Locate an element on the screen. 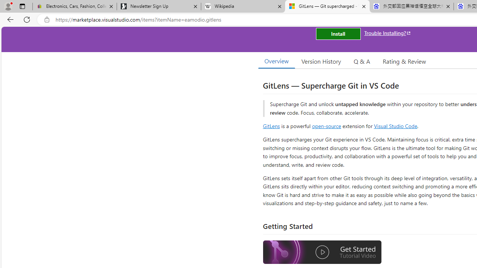 The width and height of the screenshot is (477, 268). 'Wikipedia' is located at coordinates (243, 6).